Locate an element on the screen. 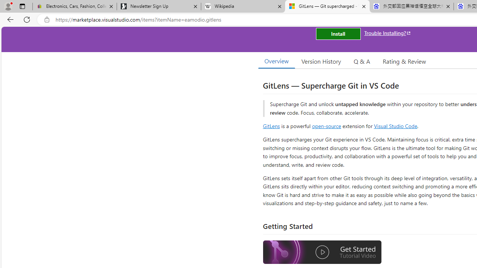 The width and height of the screenshot is (477, 268). 'Wikipedia' is located at coordinates (243, 6).